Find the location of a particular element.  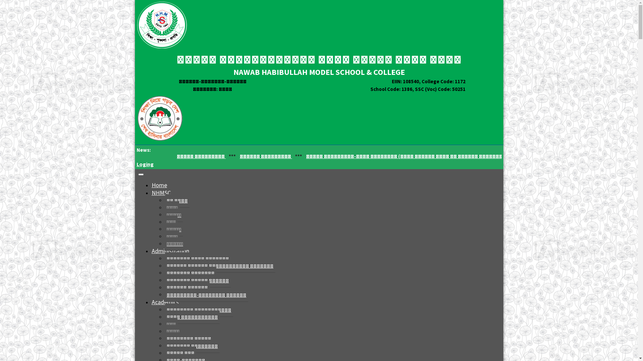

'Academics' is located at coordinates (165, 302).